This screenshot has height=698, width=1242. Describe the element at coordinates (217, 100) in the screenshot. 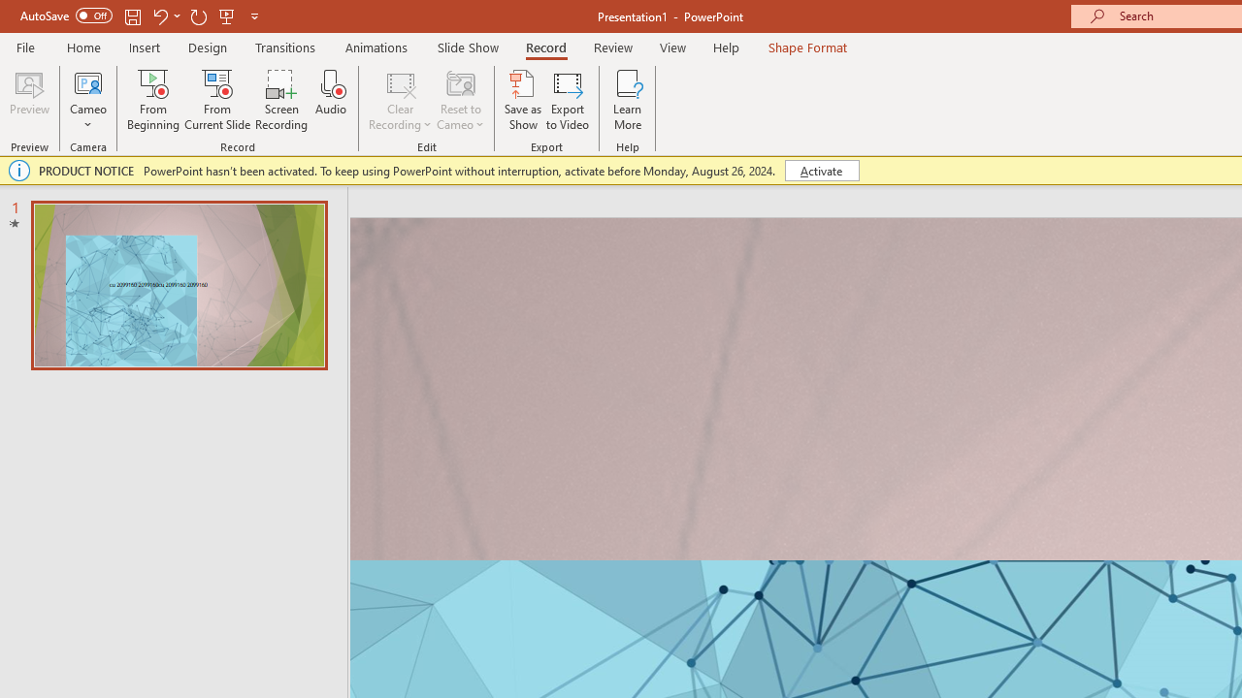

I see `'From Current Slide...'` at that location.